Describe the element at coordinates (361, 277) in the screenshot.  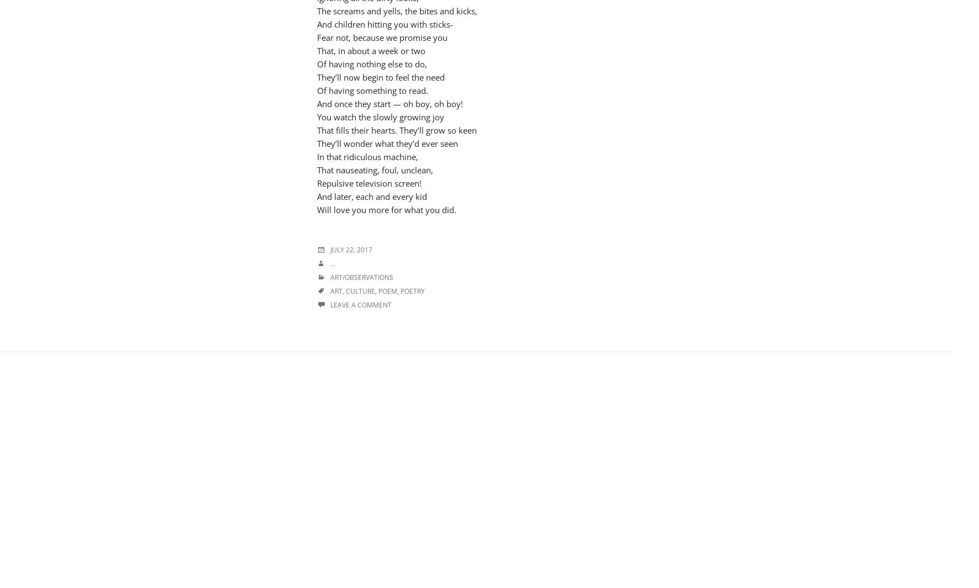
I see `'Art/Observations'` at that location.